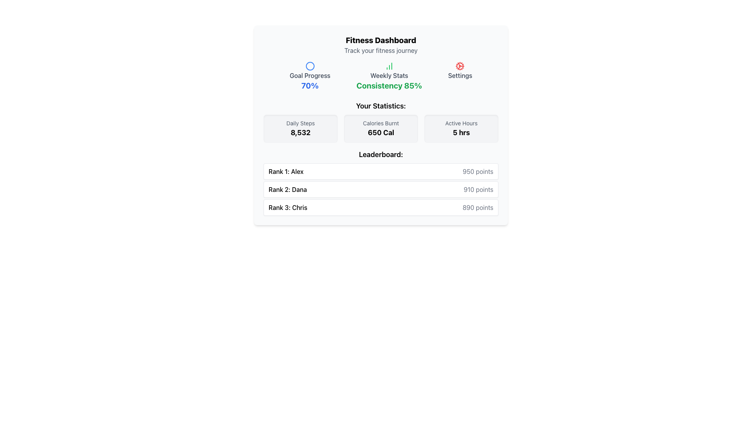 The image size is (753, 423). I want to click on the settings text label located in the top-right section of the central card, which is adjacent to the cog icon, so click(460, 75).